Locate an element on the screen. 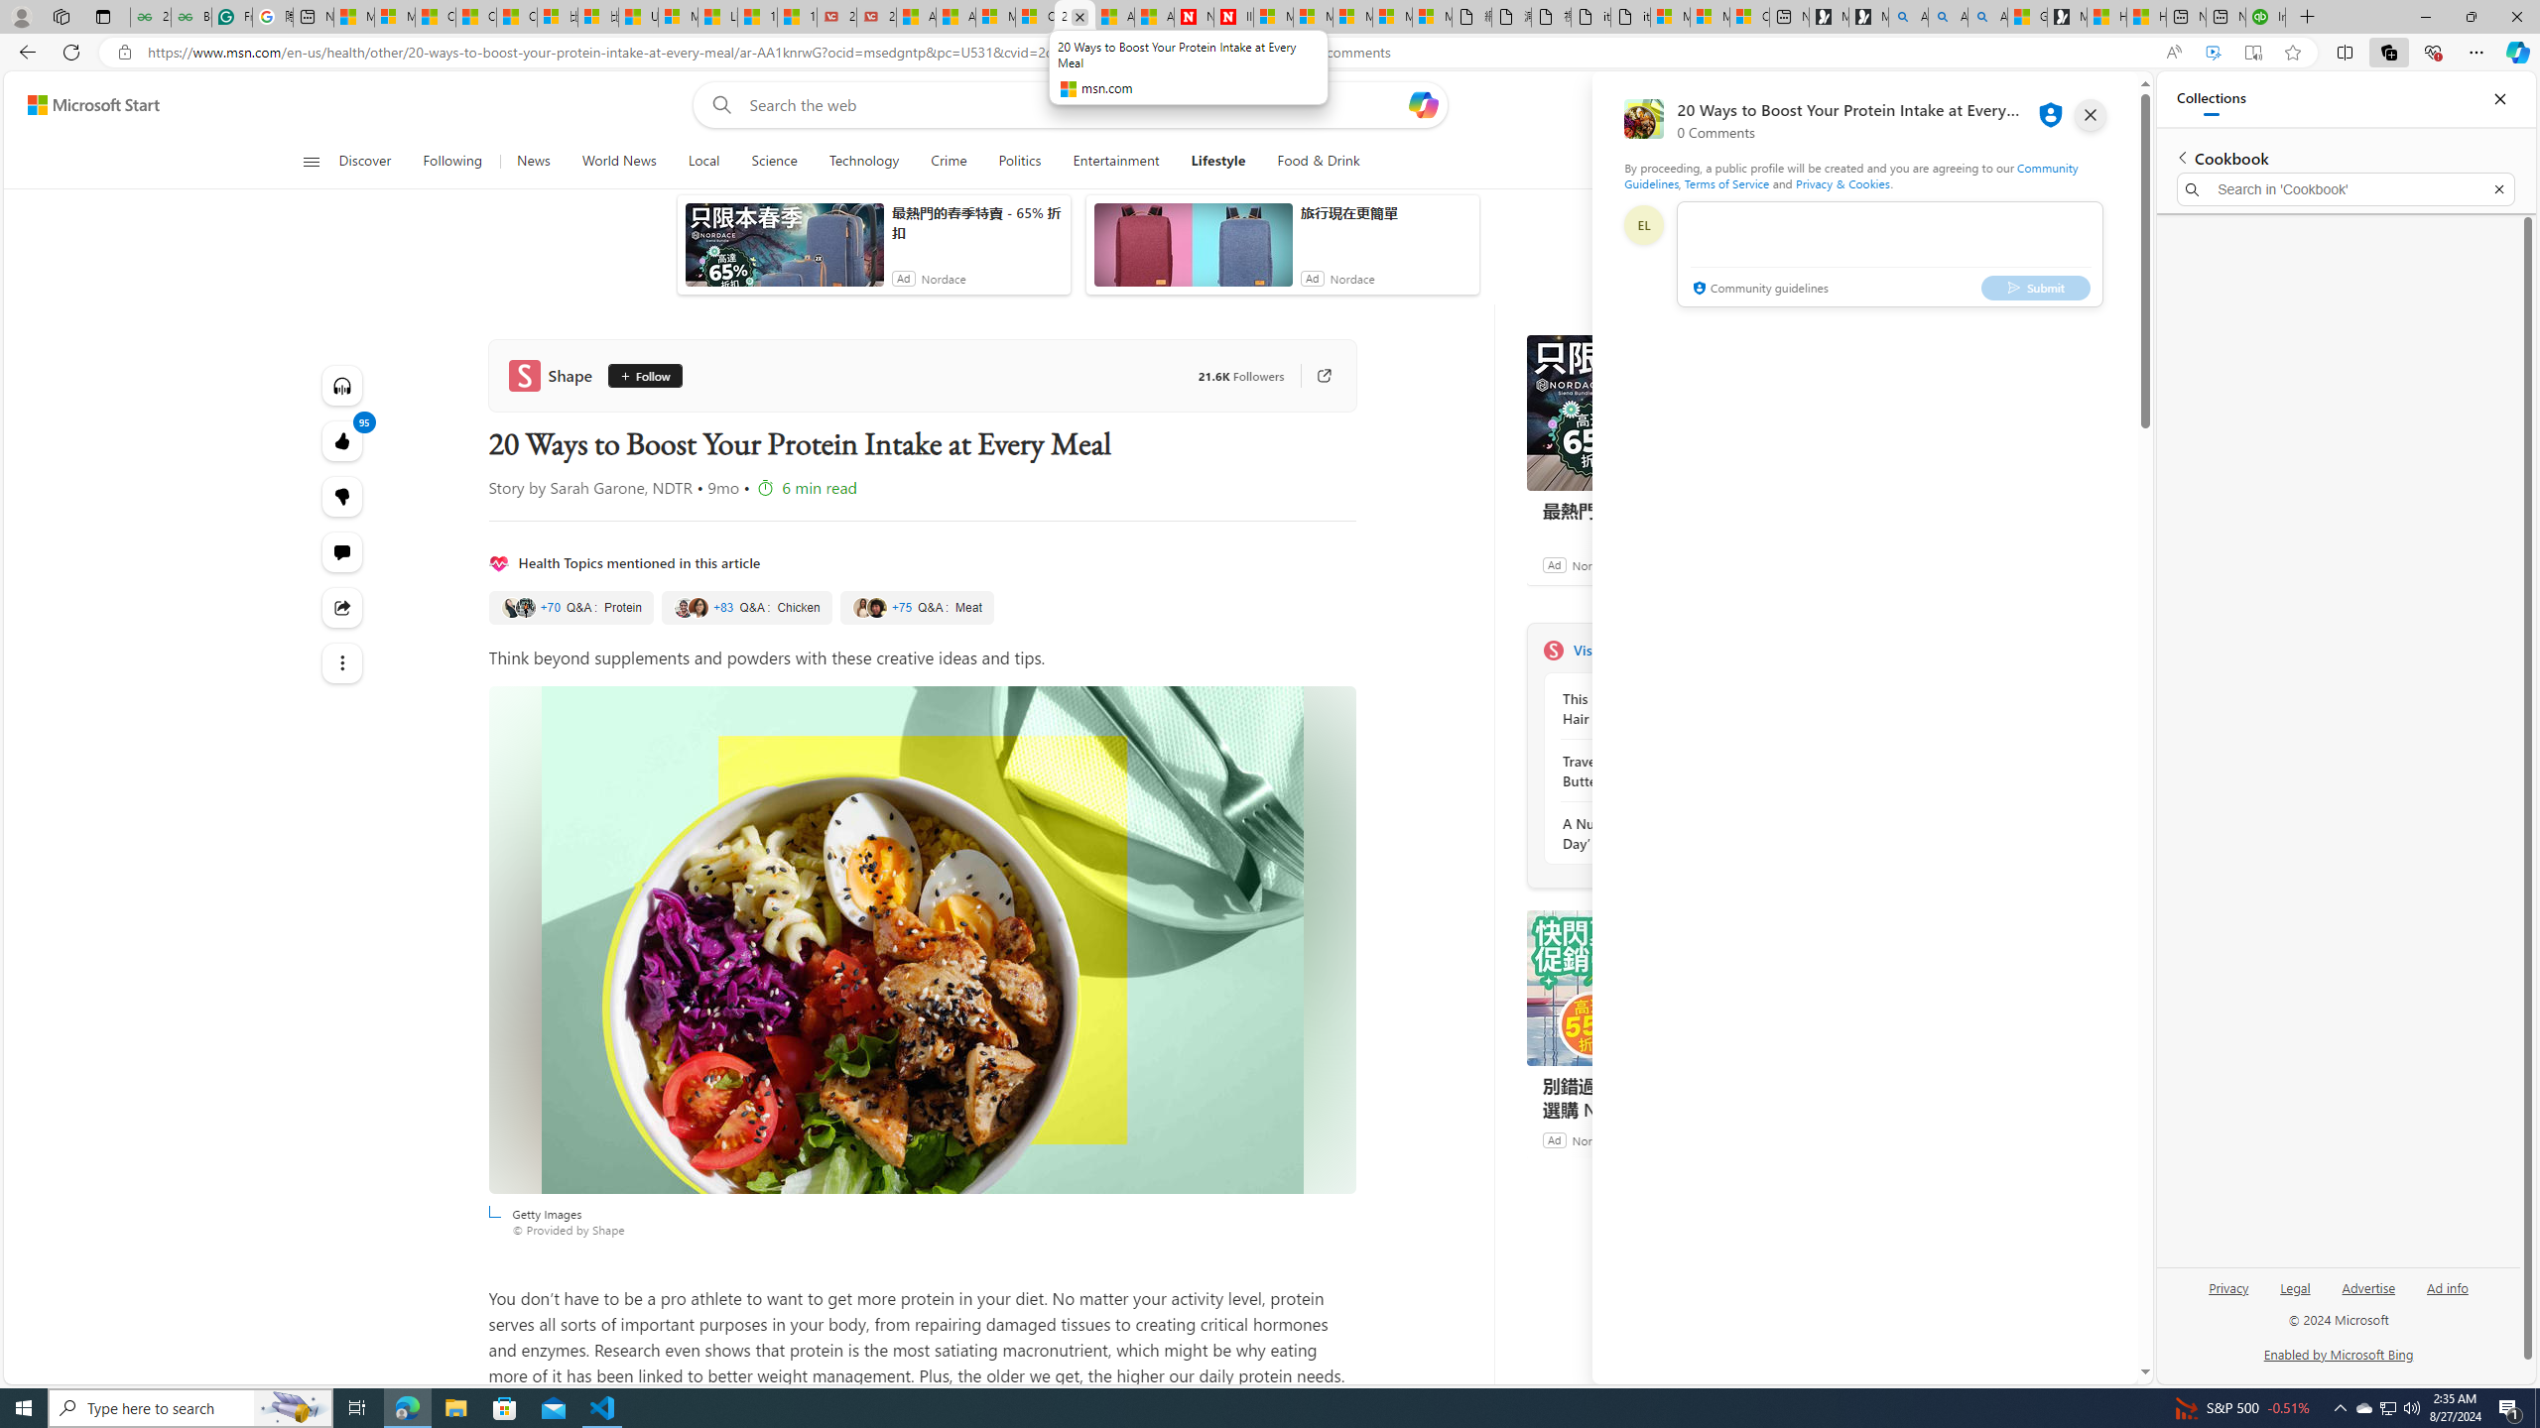 The image size is (2540, 1428). 'Privacy' is located at coordinates (2228, 1294).